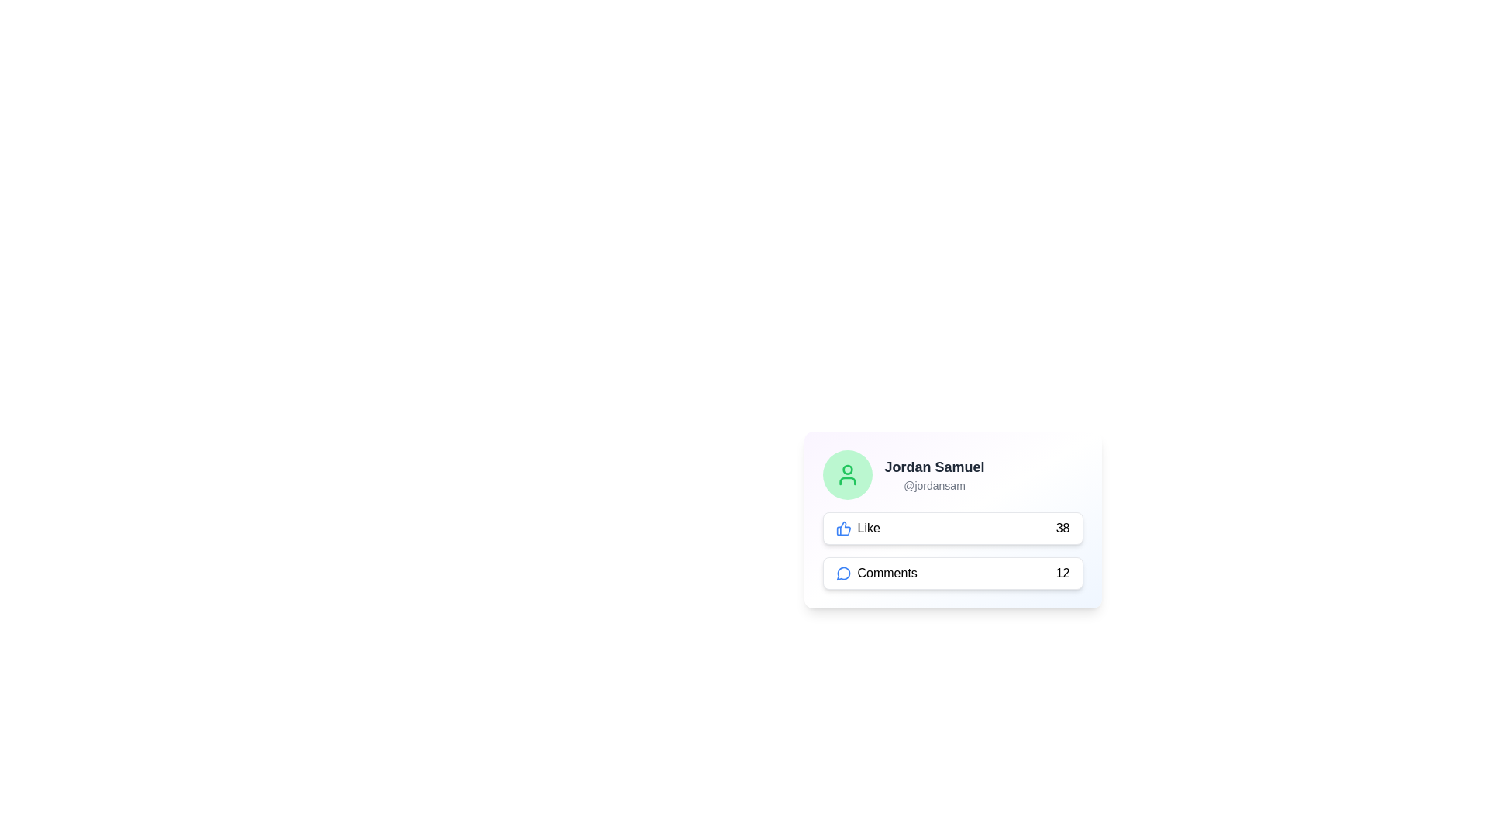  What do you see at coordinates (846, 474) in the screenshot?
I see `the user icon, which is an outline of a person within a circular green border, located in the upper-left area of the user card section above the text 'Jordan Samuel' and '@jordansam'` at bounding box center [846, 474].